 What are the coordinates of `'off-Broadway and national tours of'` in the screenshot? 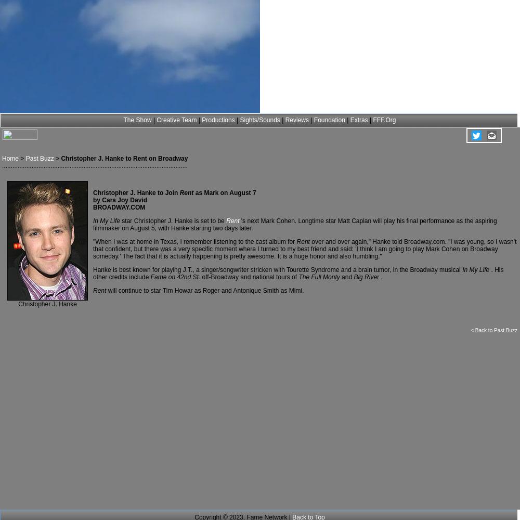 It's located at (250, 277).